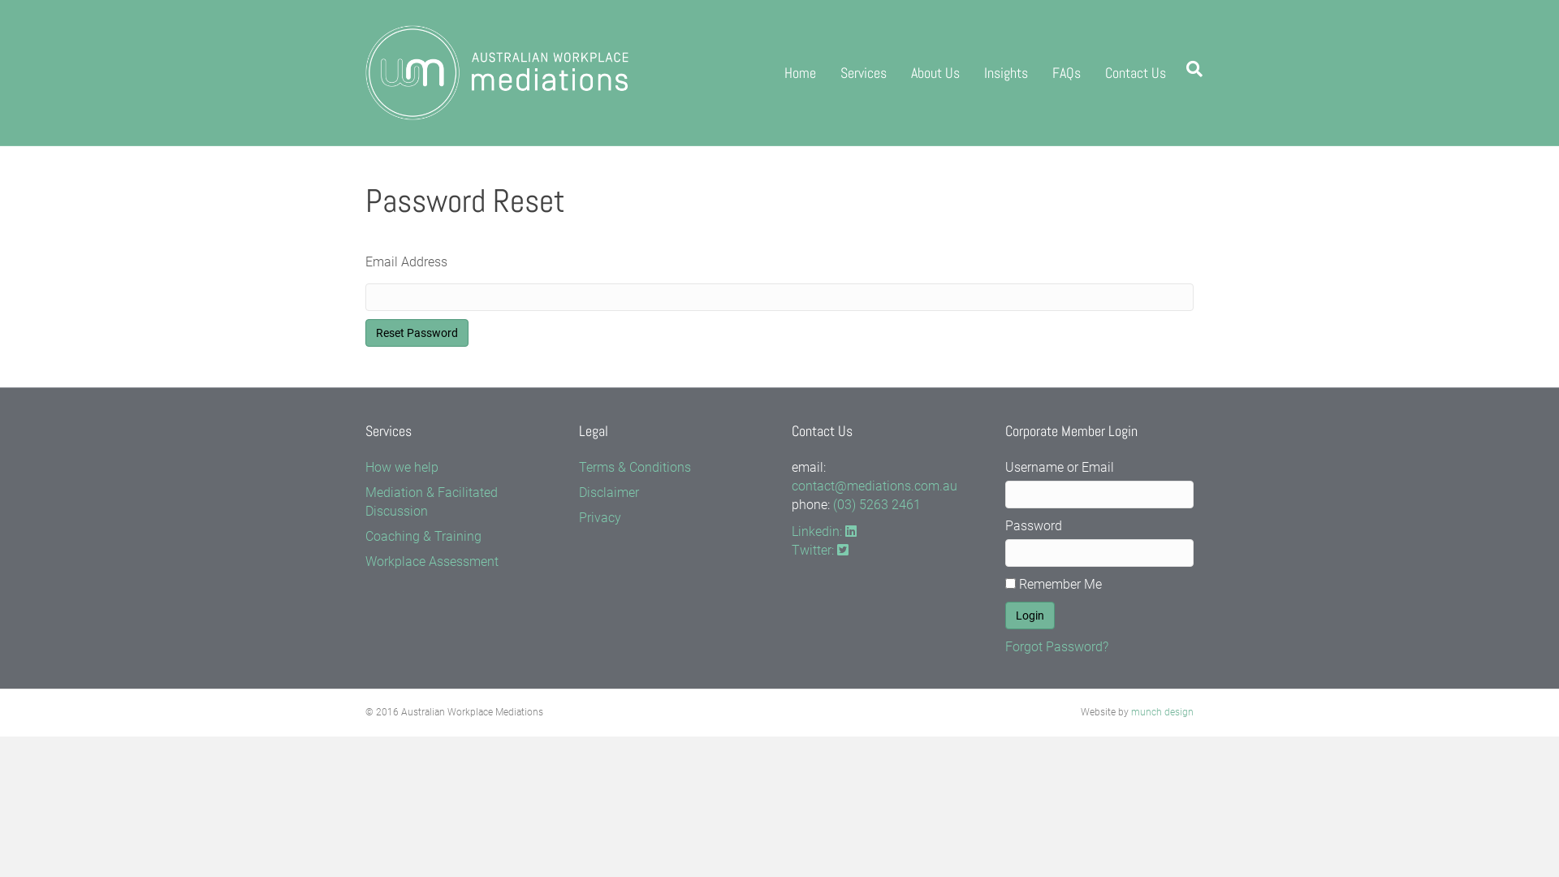  What do you see at coordinates (876, 503) in the screenshot?
I see `'(03) 5263 2461'` at bounding box center [876, 503].